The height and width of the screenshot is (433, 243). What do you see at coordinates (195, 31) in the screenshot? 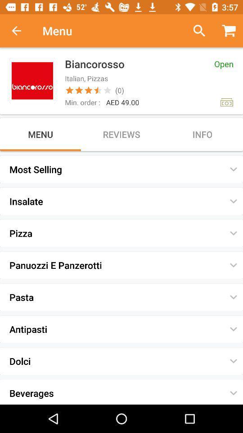
I see `previous` at bounding box center [195, 31].